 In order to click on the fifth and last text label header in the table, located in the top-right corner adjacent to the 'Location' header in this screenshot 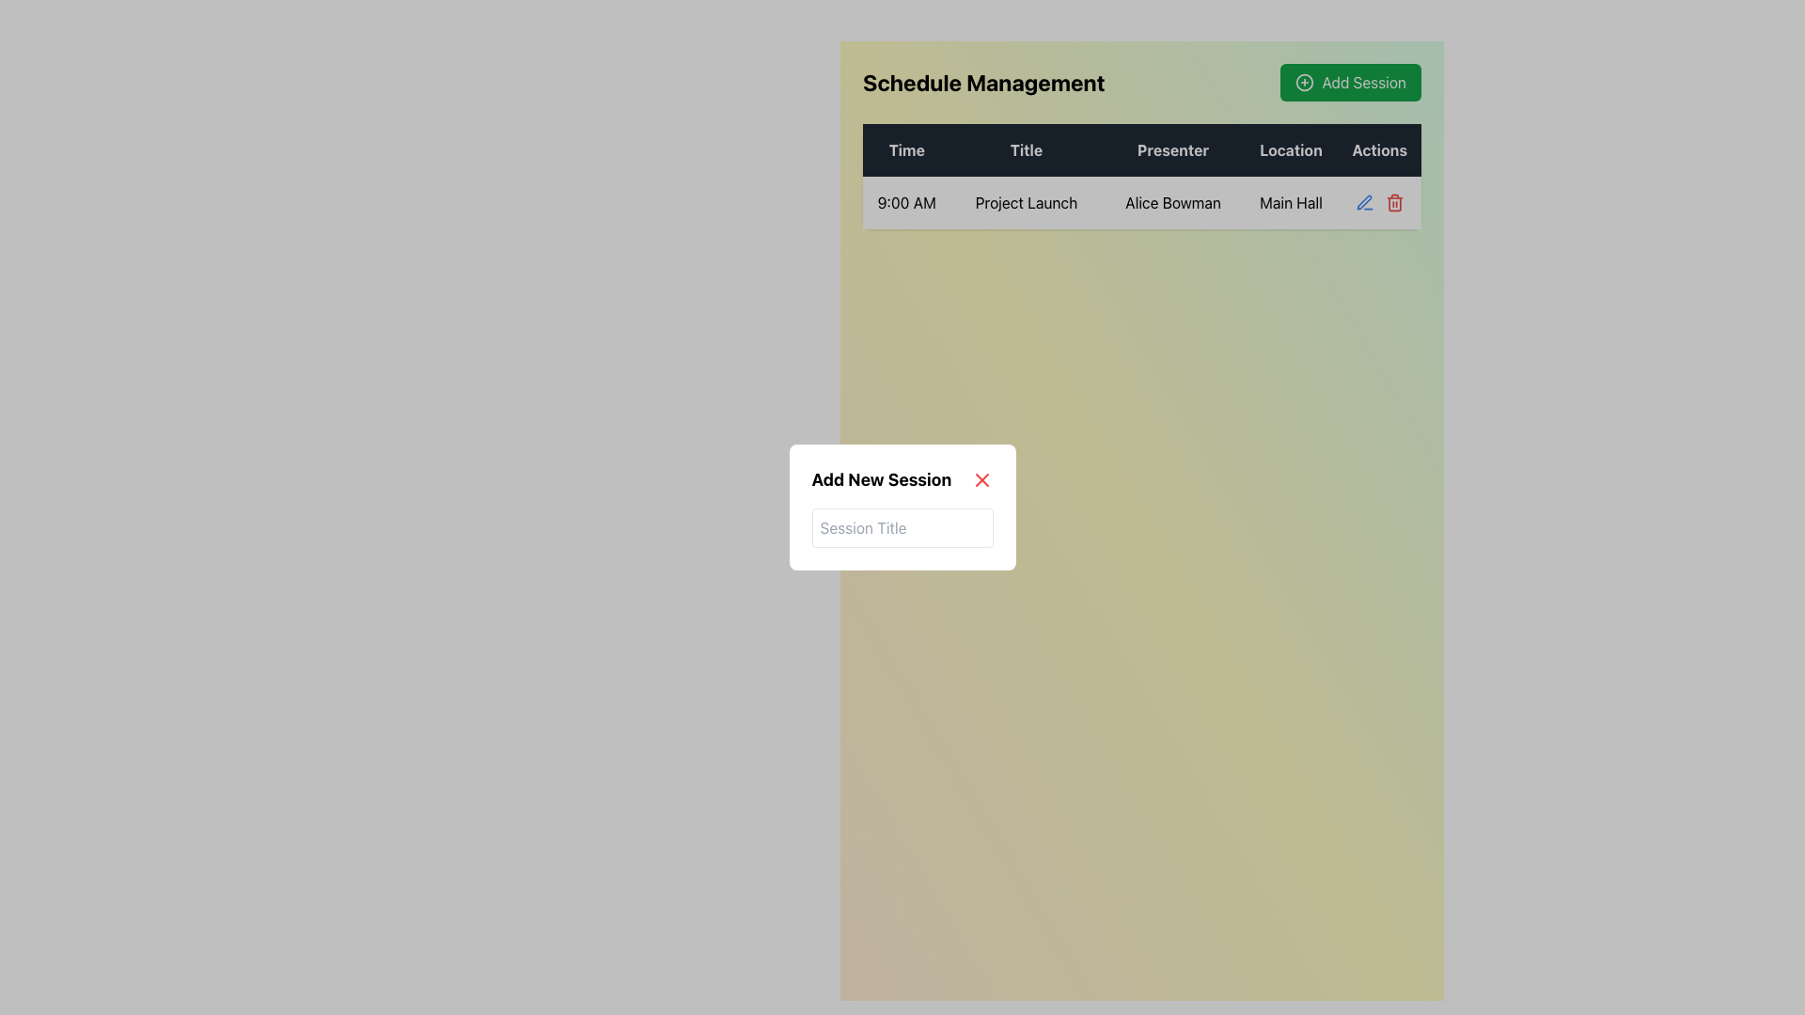, I will do `click(1379, 148)`.